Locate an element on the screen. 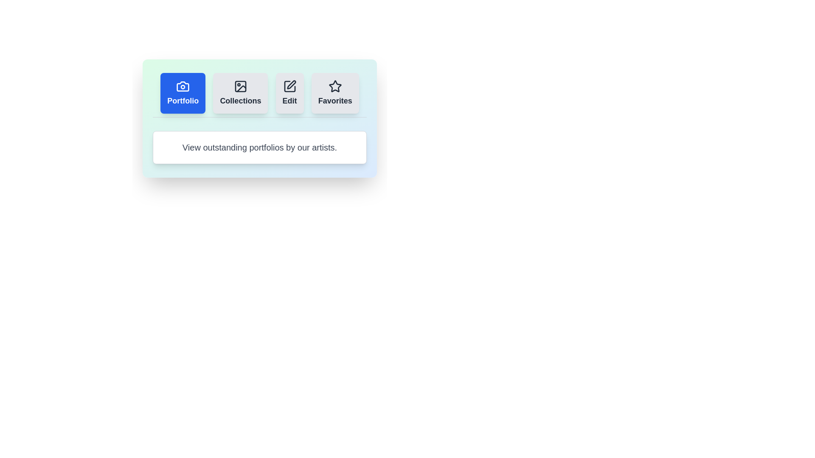 This screenshot has height=458, width=815. the tab labeled Portfolio to observe its hover effect is located at coordinates (183, 93).